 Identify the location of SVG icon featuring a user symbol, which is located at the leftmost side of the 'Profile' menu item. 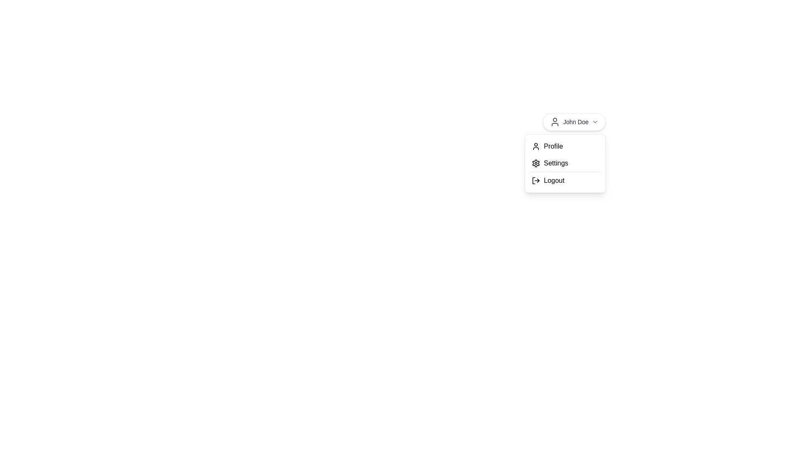
(536, 146).